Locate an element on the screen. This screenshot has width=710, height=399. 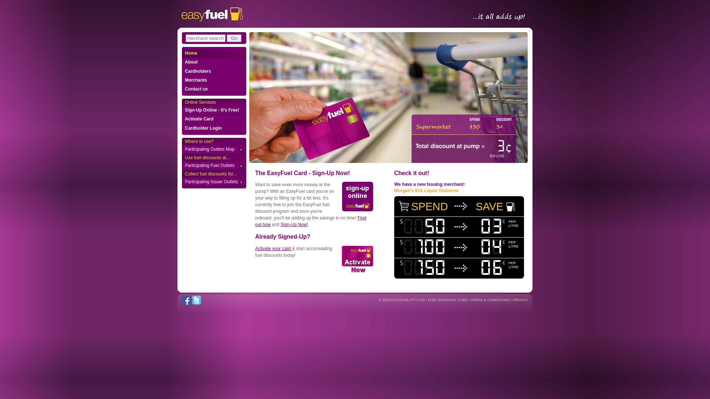
'Participating Issuer Outlets' is located at coordinates (214, 182).